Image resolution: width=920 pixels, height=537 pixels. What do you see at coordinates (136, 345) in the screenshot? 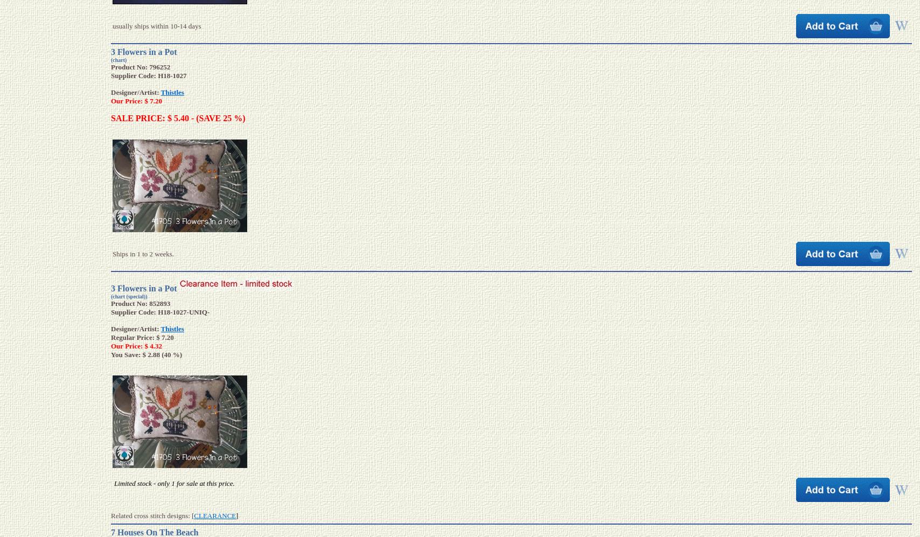
I see `'Our Price: $ 4.32'` at bounding box center [136, 345].